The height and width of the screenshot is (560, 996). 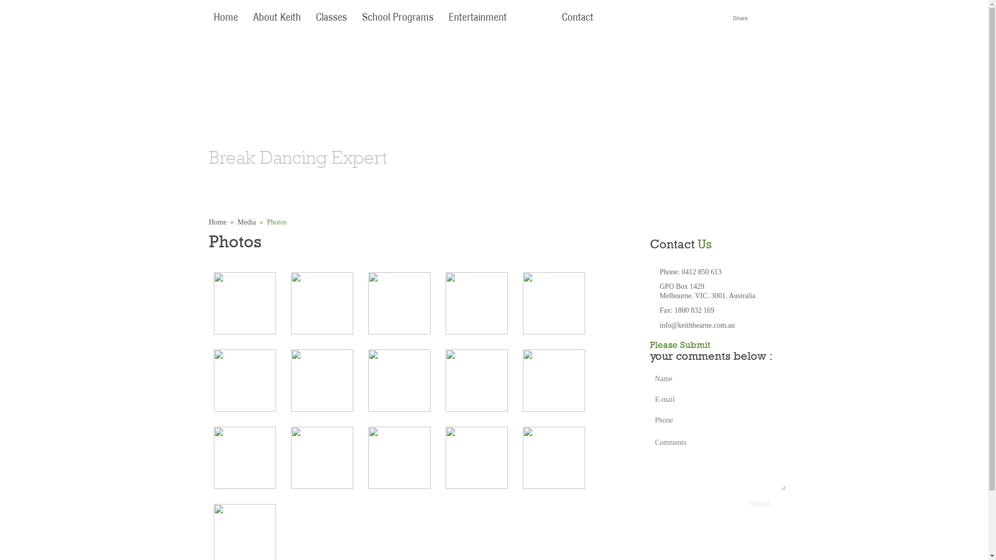 I want to click on 'Media', so click(x=246, y=221).